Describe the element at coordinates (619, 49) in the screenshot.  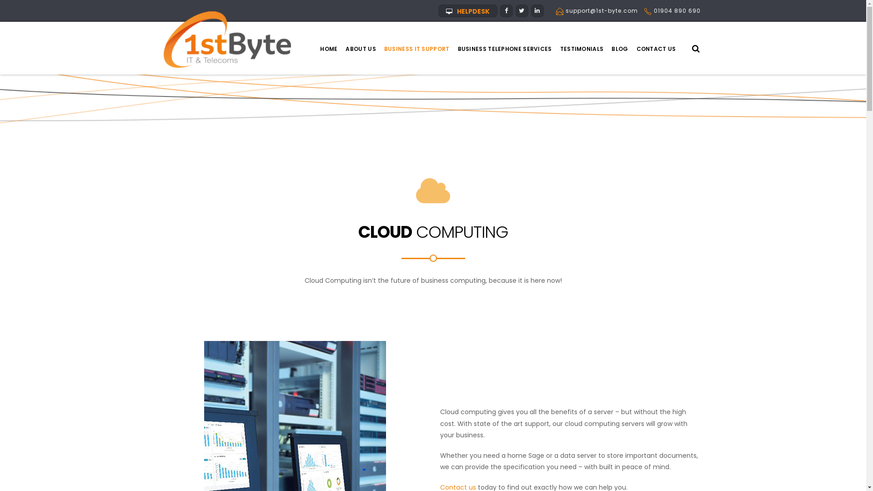
I see `'BLOG'` at that location.